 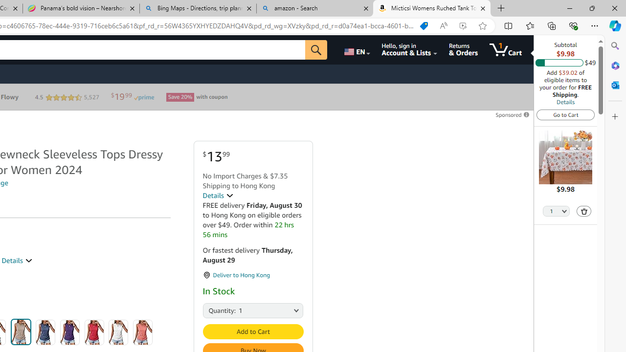 I want to click on 'Enhance video', so click(x=462, y=25).